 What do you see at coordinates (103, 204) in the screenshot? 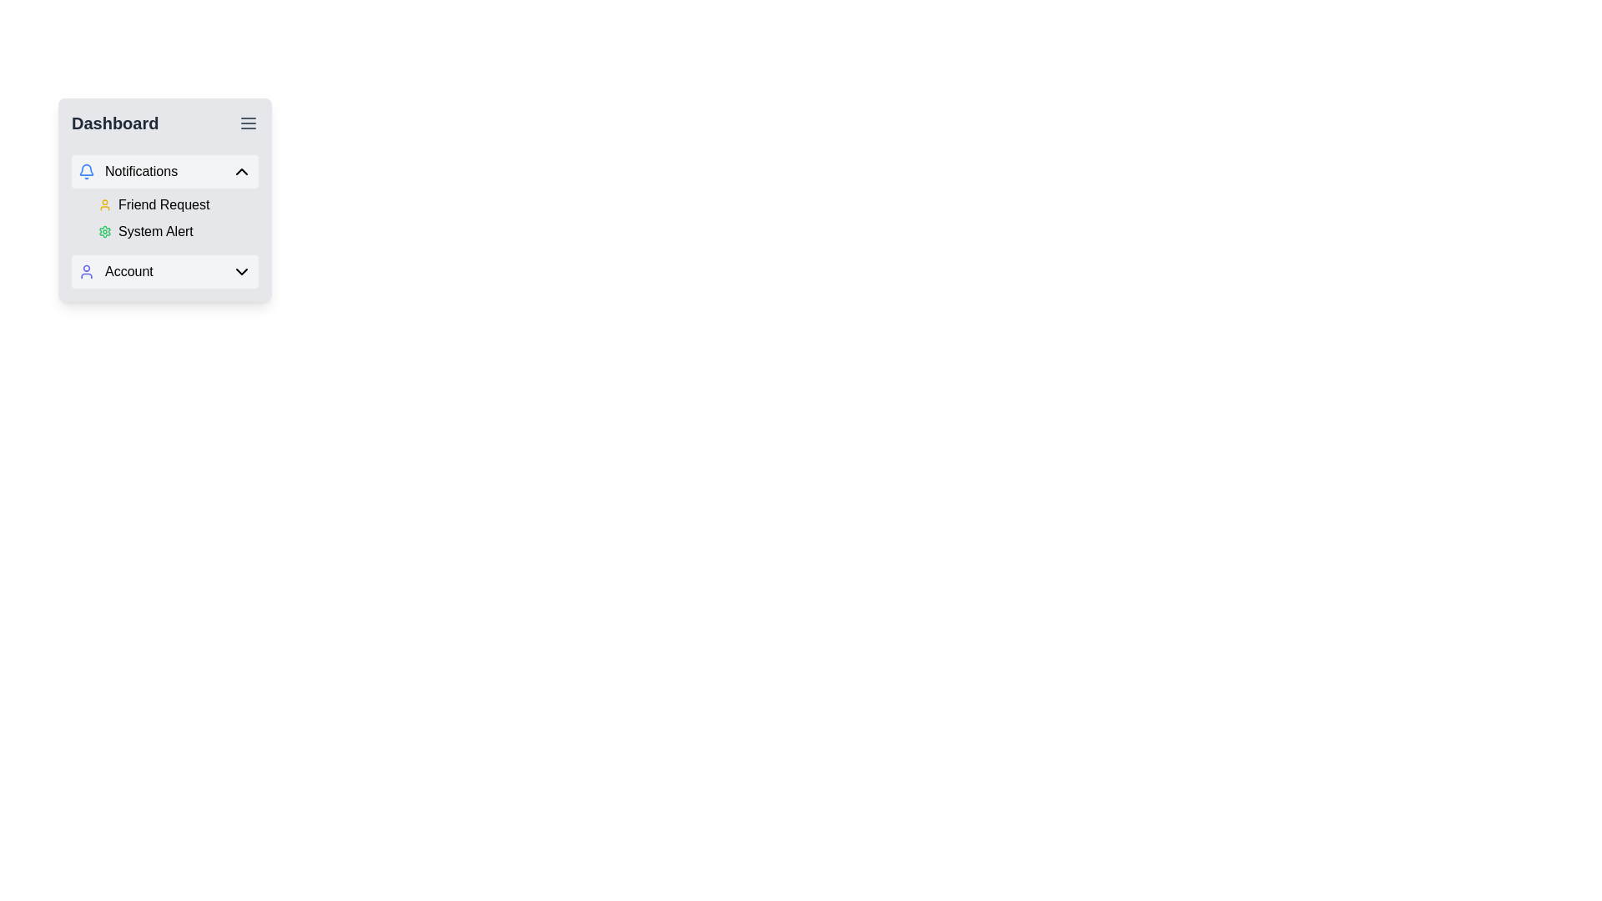
I see `the user profile icon located to the left of the 'Friend Request' label in the notifications section of the dashboard widget` at bounding box center [103, 204].